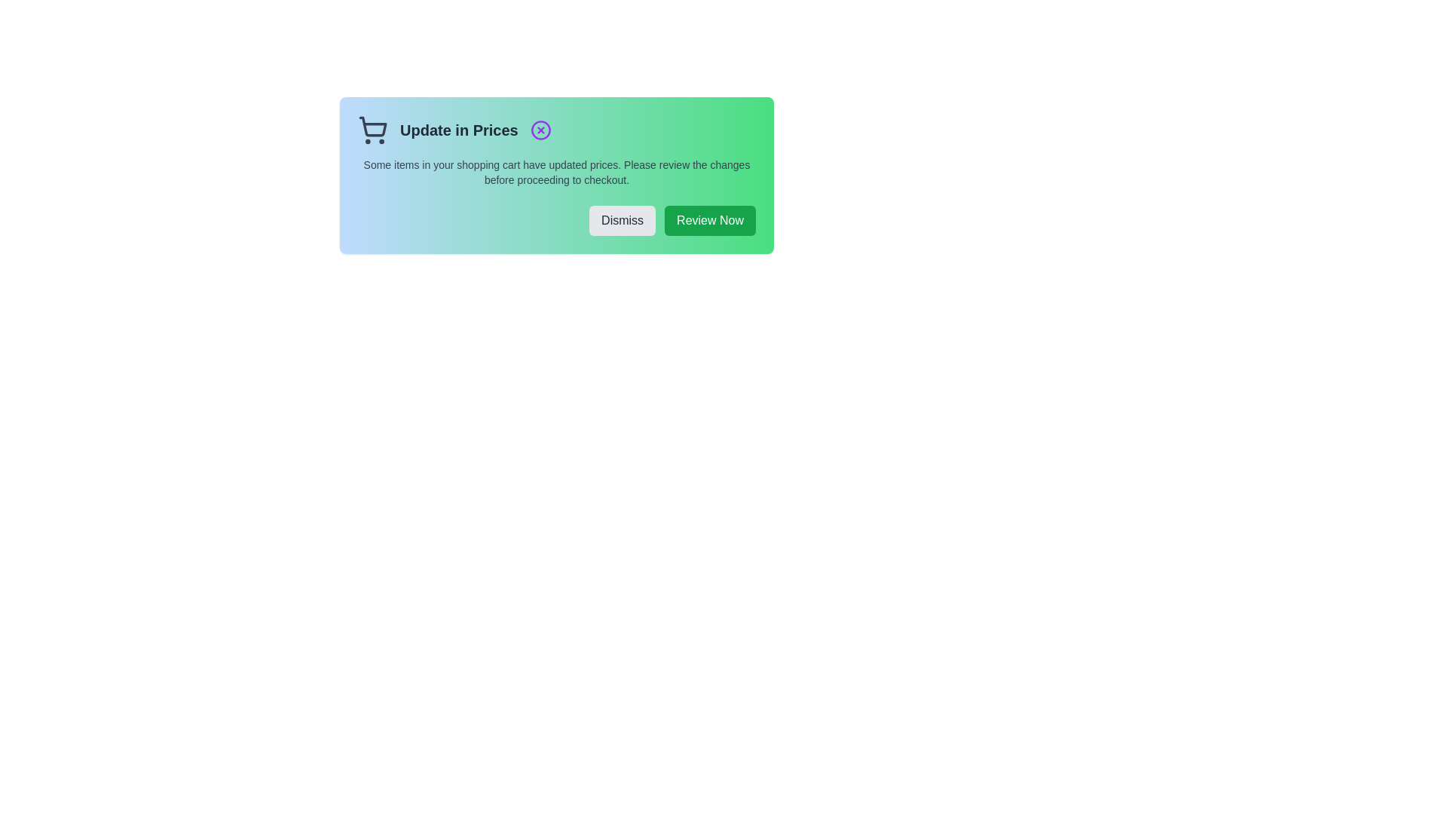 The image size is (1447, 814). Describe the element at coordinates (622, 221) in the screenshot. I see `the 'Dismiss' button to hide the alert` at that location.